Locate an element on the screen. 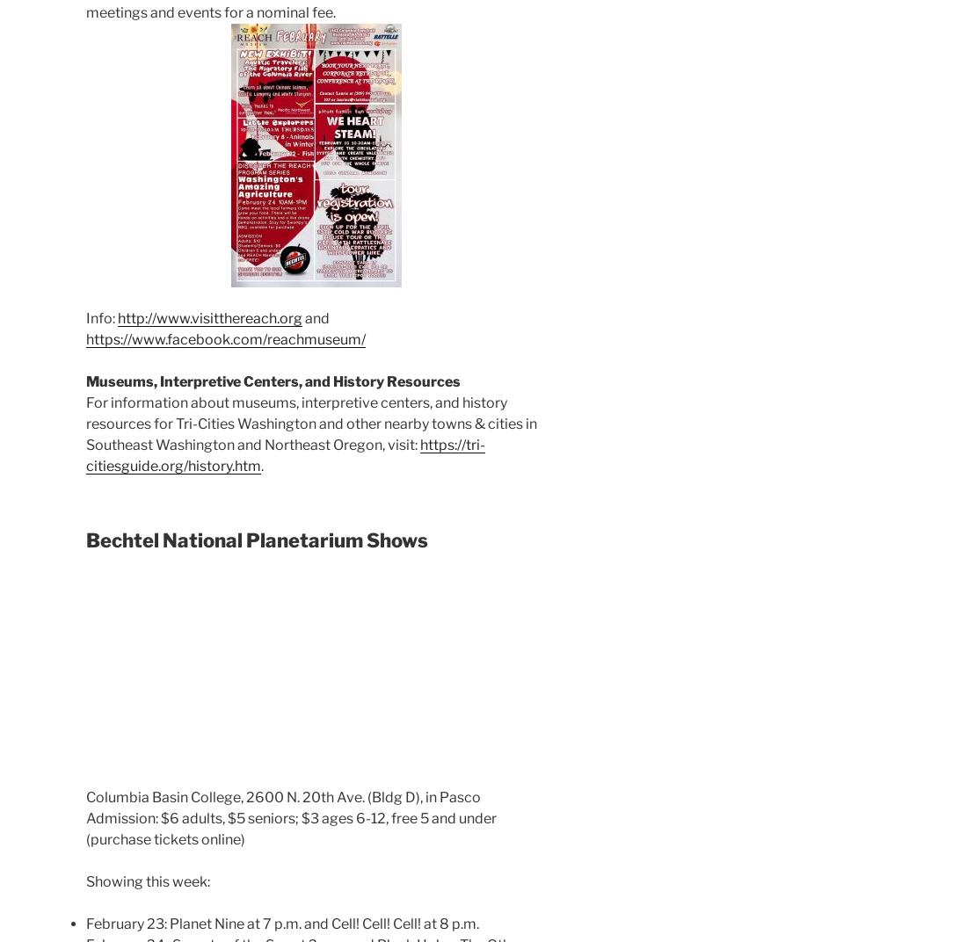  '.' is located at coordinates (261, 466).